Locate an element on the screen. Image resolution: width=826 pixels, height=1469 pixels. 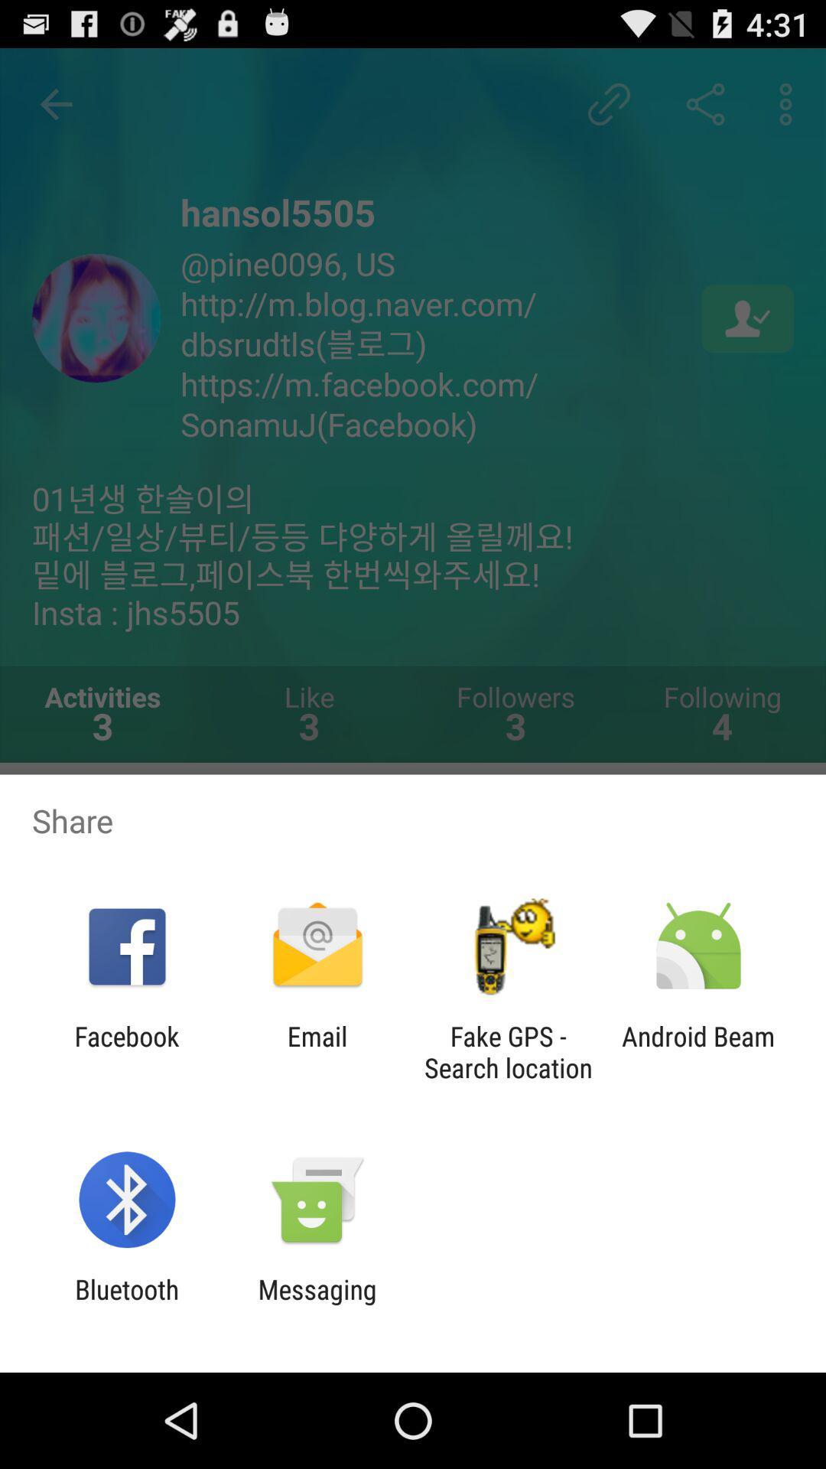
icon next to android beam icon is located at coordinates (508, 1051).